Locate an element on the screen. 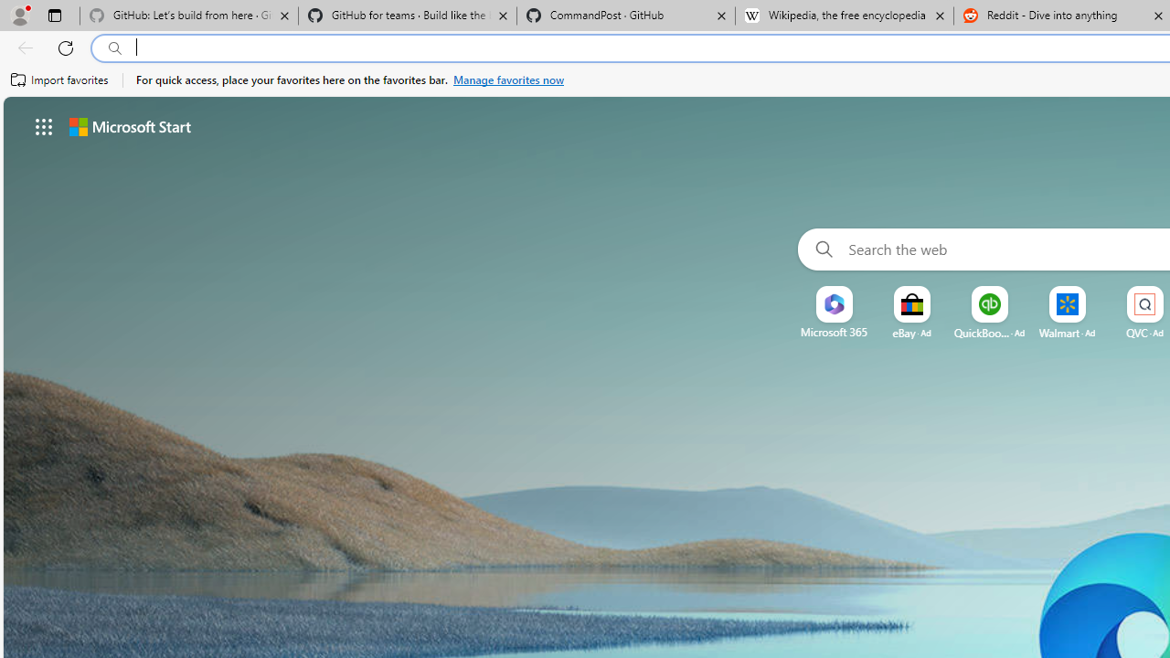 The width and height of the screenshot is (1170, 658). 'Manage favorites now' is located at coordinates (508, 80).